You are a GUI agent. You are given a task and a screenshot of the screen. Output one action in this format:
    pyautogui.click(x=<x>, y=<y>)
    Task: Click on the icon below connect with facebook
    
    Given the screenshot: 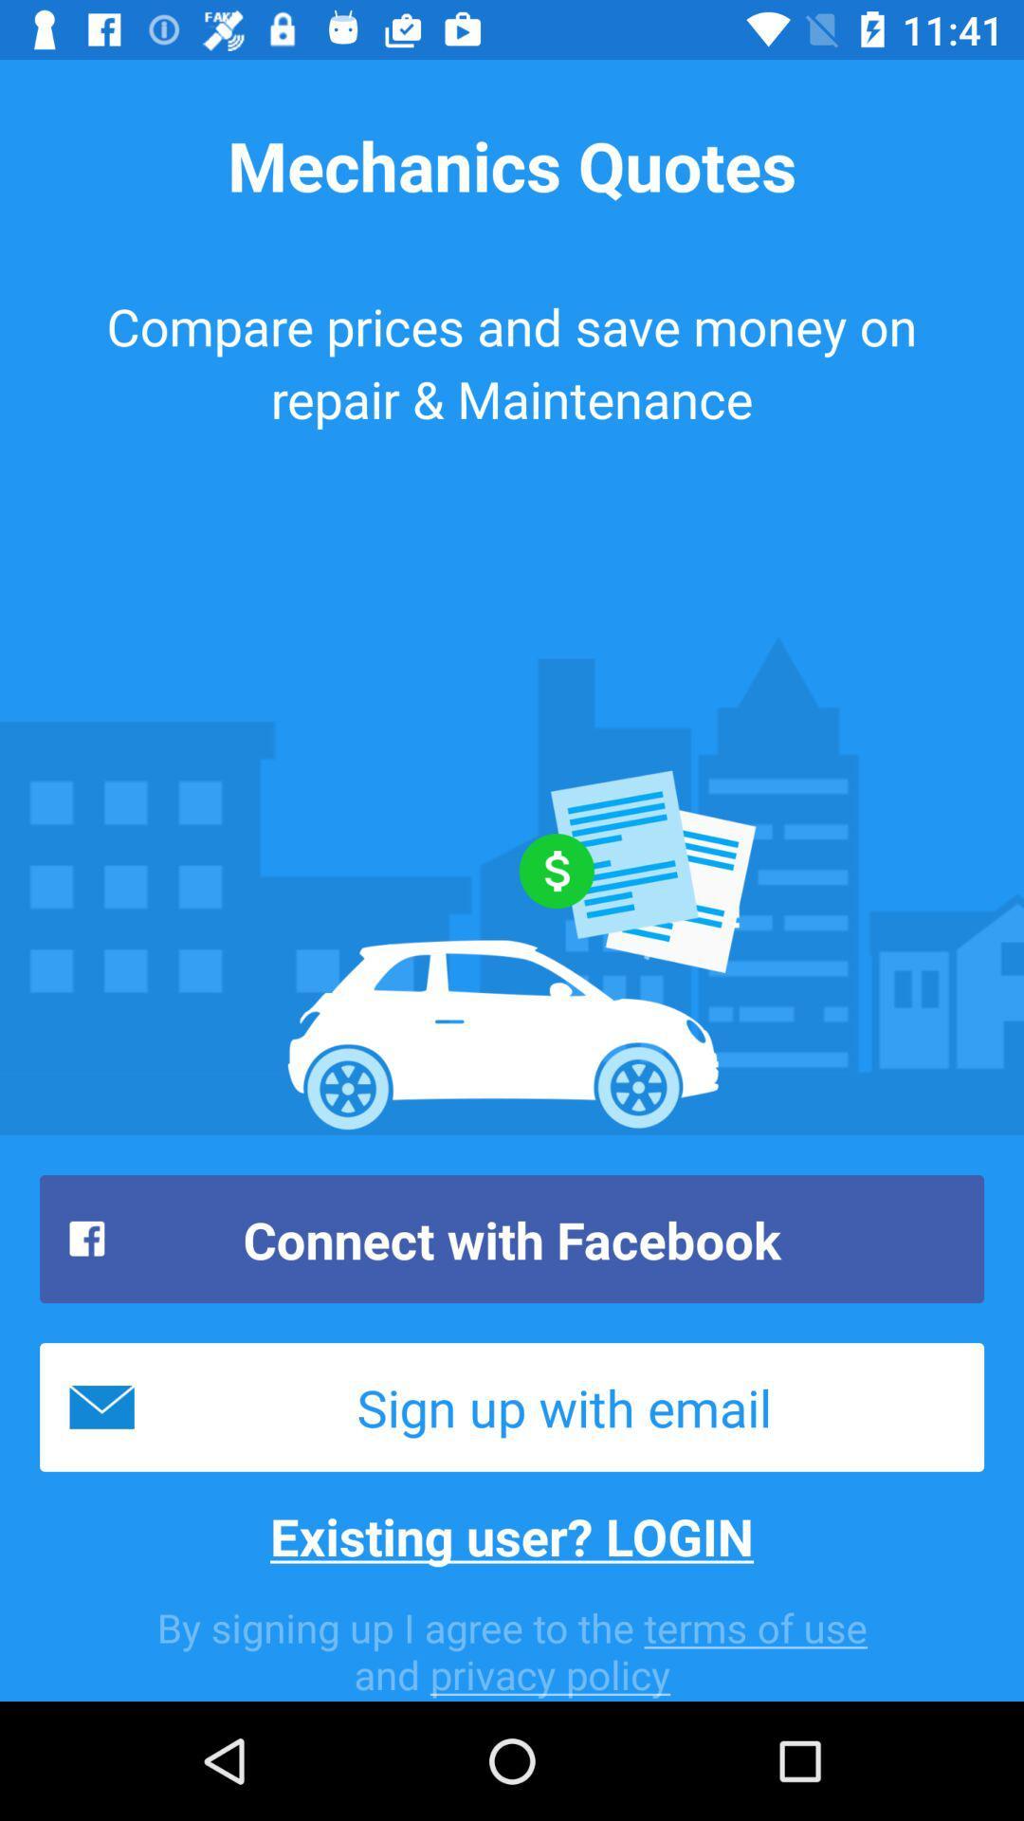 What is the action you would take?
    pyautogui.click(x=512, y=1407)
    